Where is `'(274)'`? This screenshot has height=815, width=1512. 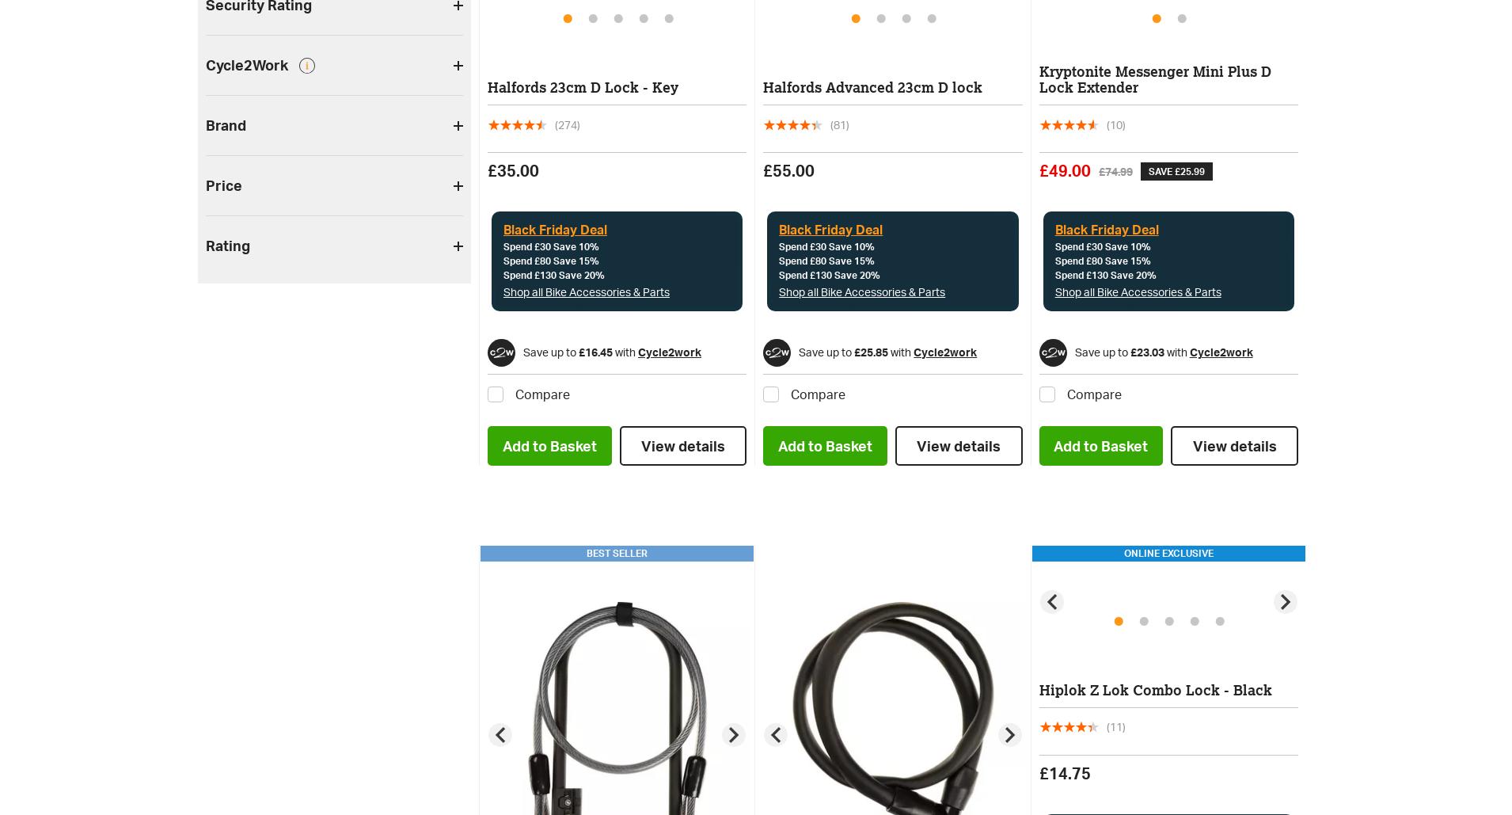
'(274)' is located at coordinates (553, 124).